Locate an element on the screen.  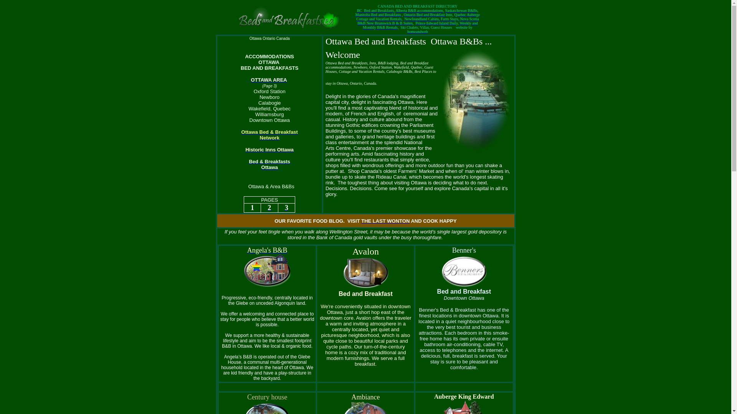
'3' is located at coordinates (286, 208).